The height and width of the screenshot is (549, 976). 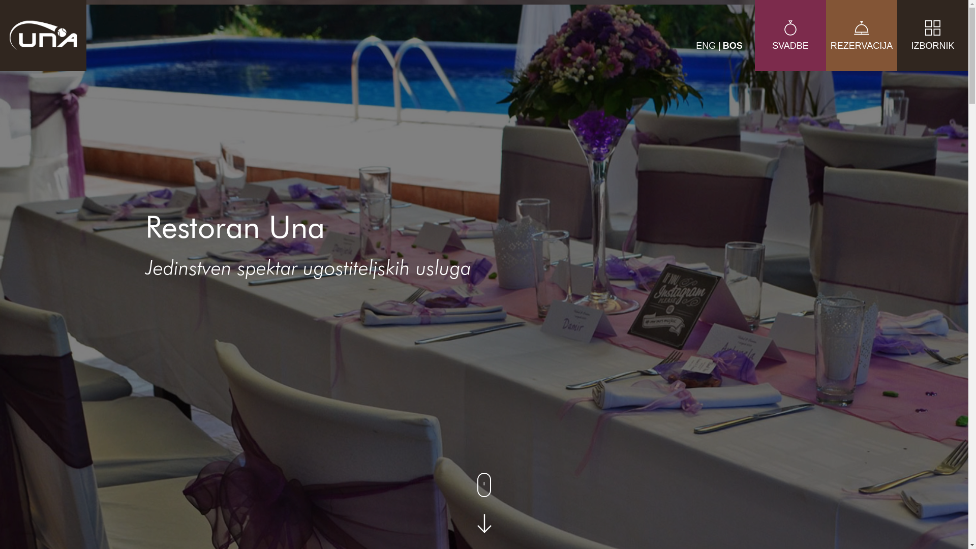 I want to click on 'ENG', so click(x=707, y=45).